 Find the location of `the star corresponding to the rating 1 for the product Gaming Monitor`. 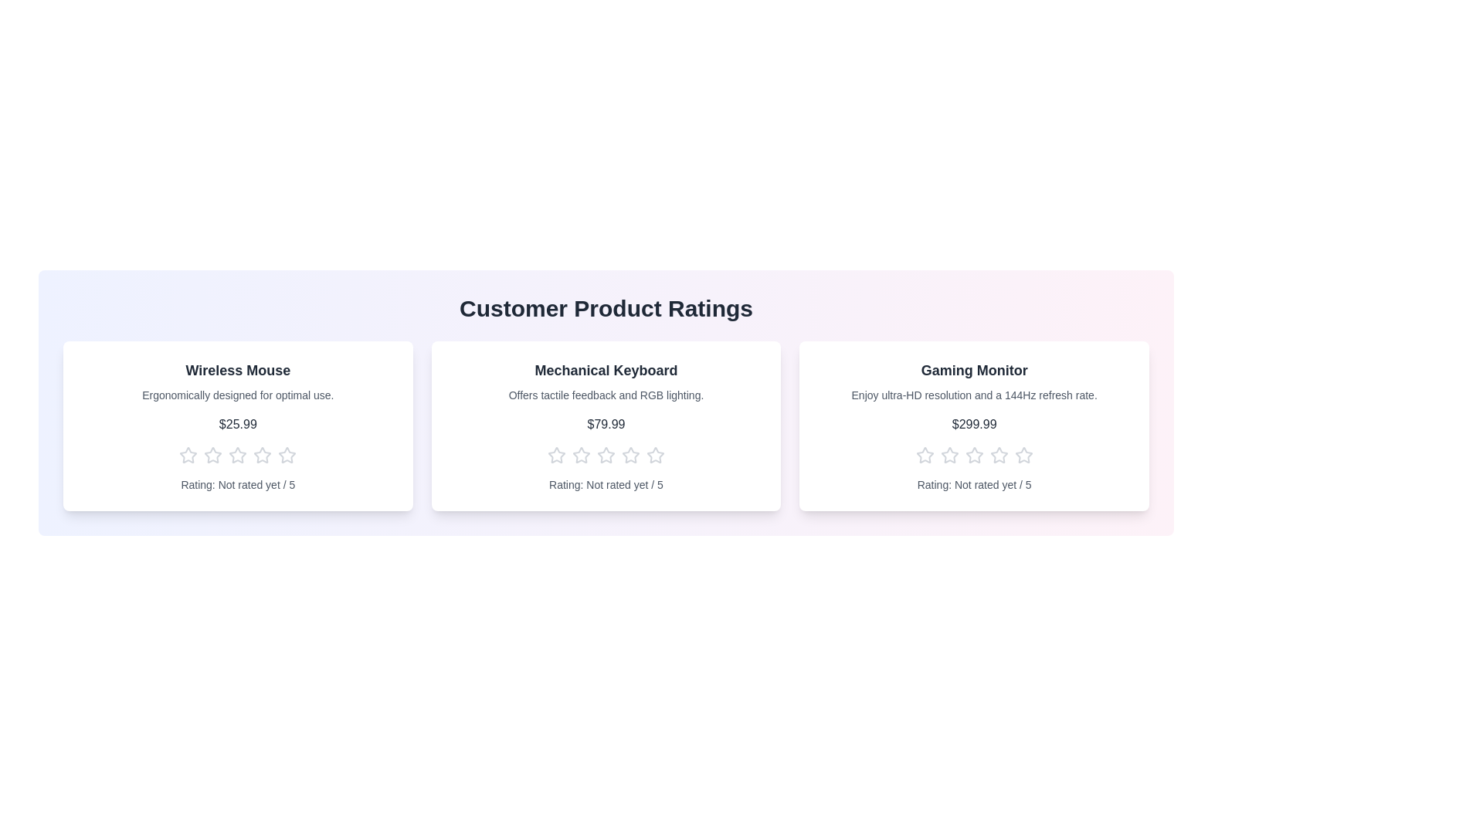

the star corresponding to the rating 1 for the product Gaming Monitor is located at coordinates (924, 455).